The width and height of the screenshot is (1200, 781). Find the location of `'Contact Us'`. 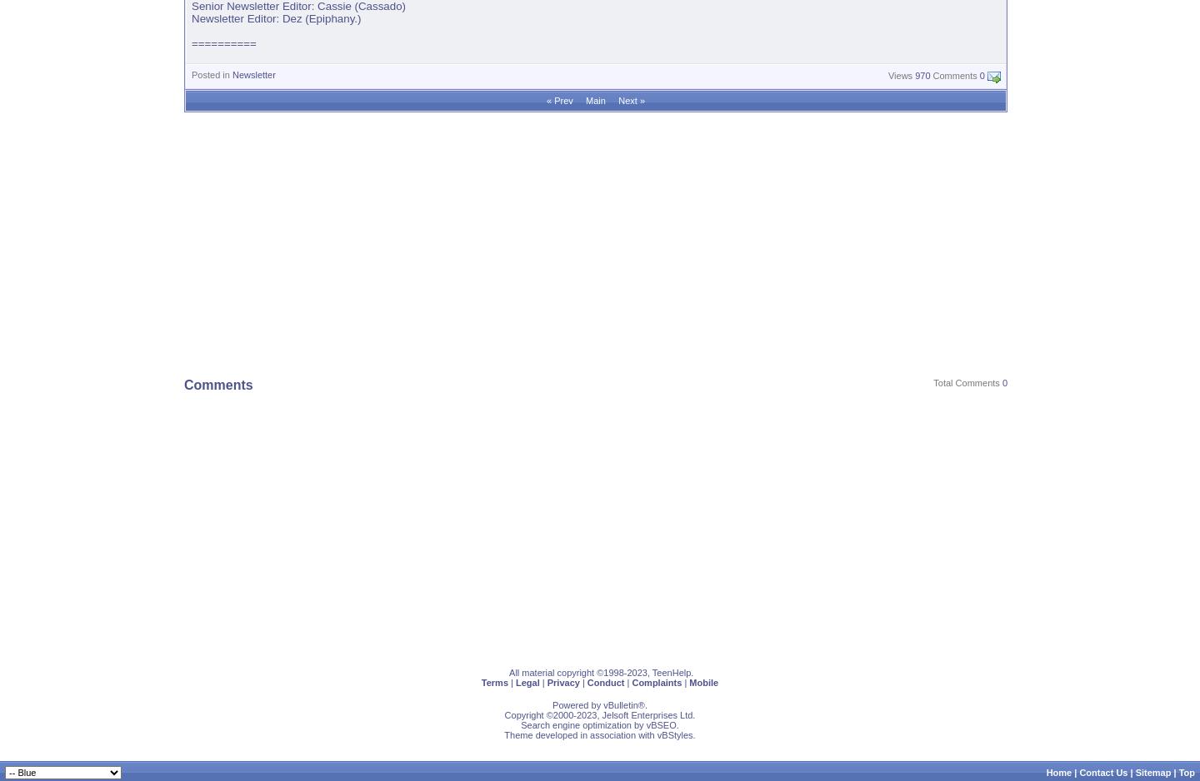

'Contact Us' is located at coordinates (1102, 771).